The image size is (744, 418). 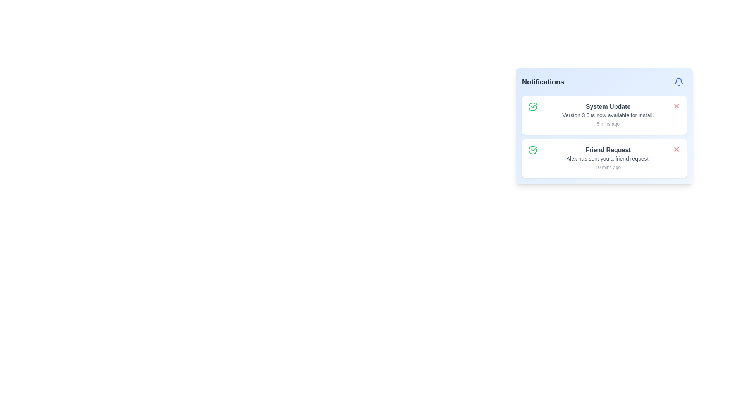 What do you see at coordinates (676, 149) in the screenshot?
I see `keyboard navigation` at bounding box center [676, 149].